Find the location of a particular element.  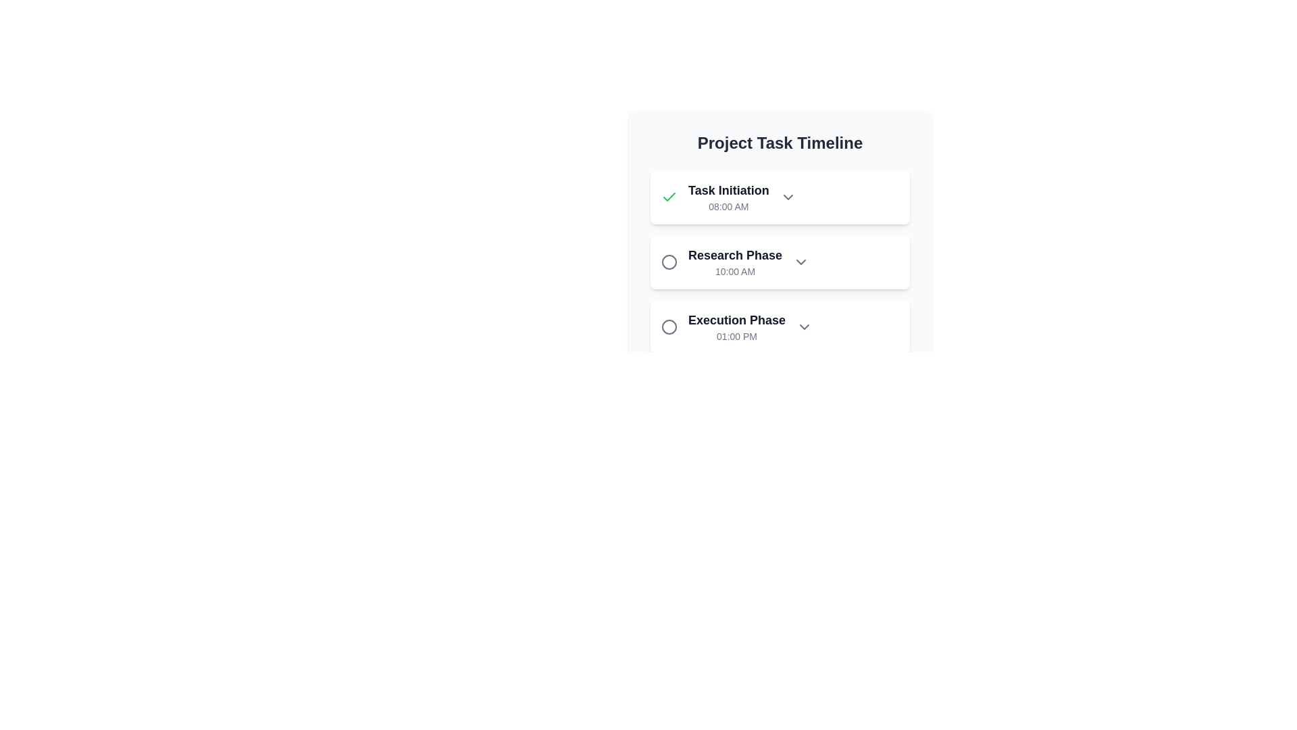

the time label displaying the time for the 'Execution Phase' task located in the lower section of the task card is located at coordinates (736, 335).